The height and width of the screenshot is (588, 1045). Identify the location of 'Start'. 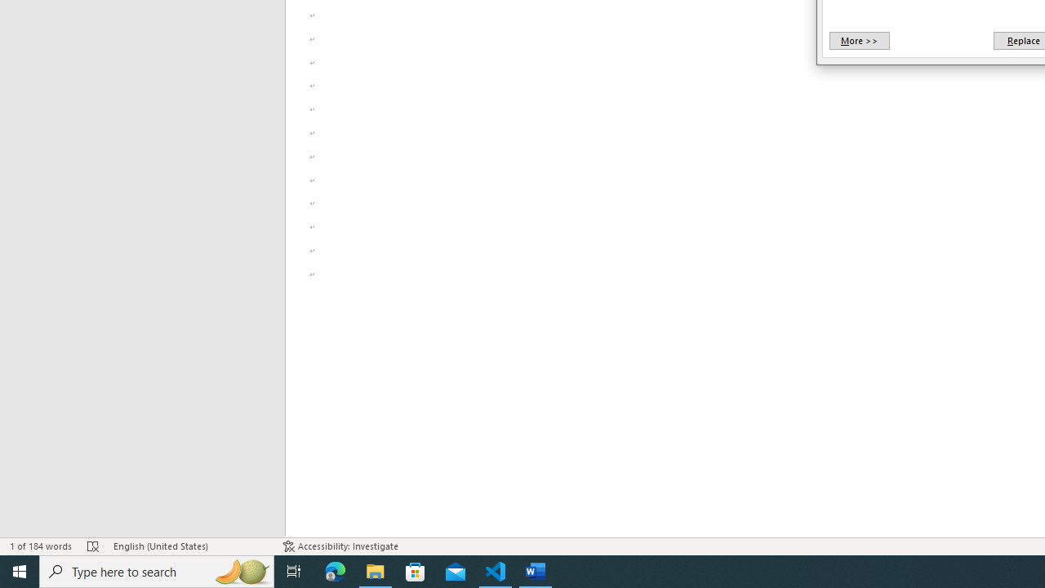
(20, 570).